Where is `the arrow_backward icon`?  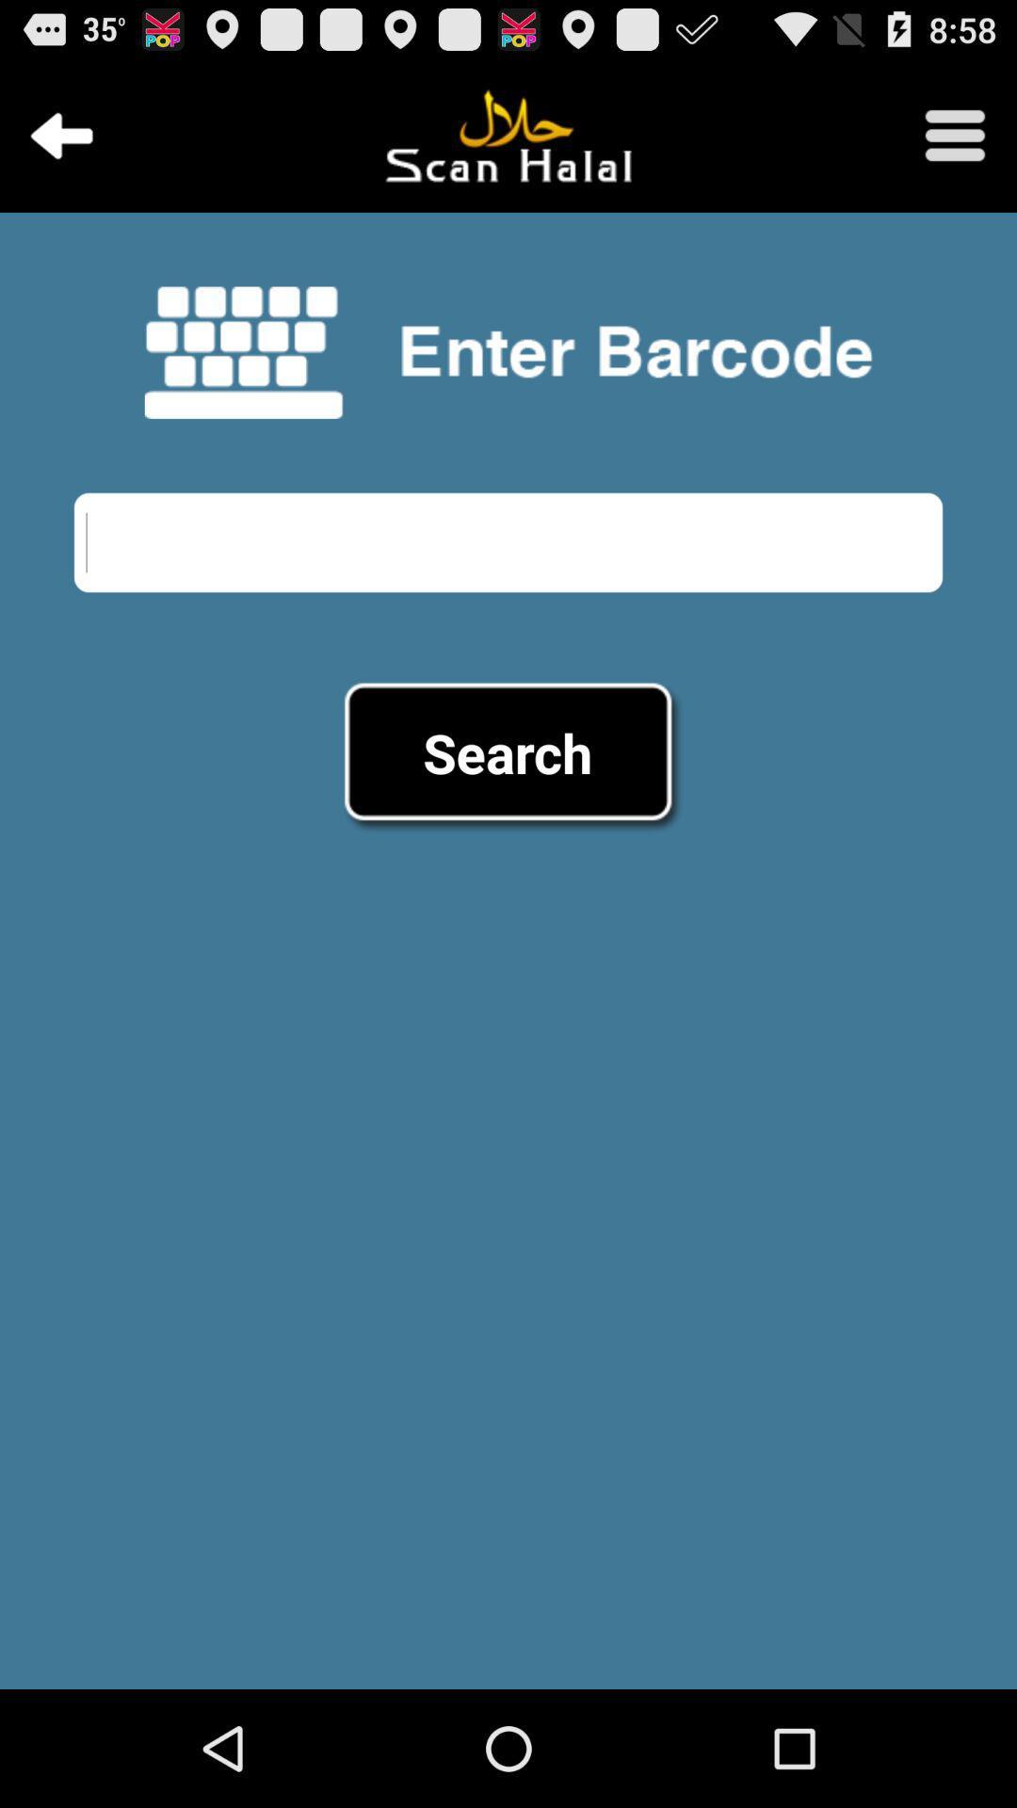 the arrow_backward icon is located at coordinates (60, 144).